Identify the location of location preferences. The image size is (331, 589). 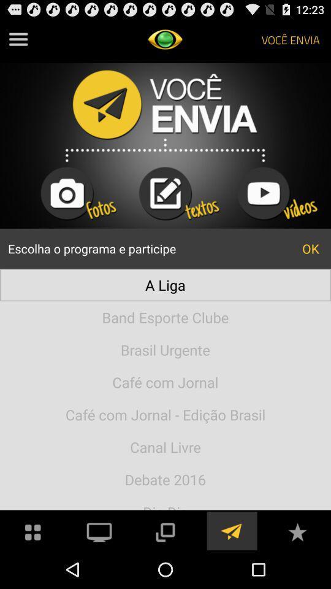
(231, 530).